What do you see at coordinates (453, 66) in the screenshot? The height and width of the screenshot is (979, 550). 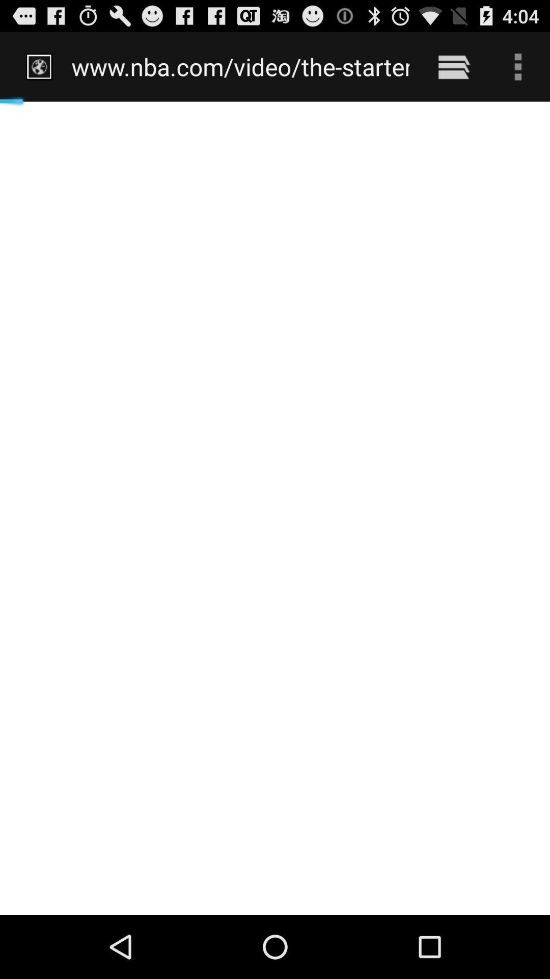 I see `the item next to the www nba com icon` at bounding box center [453, 66].